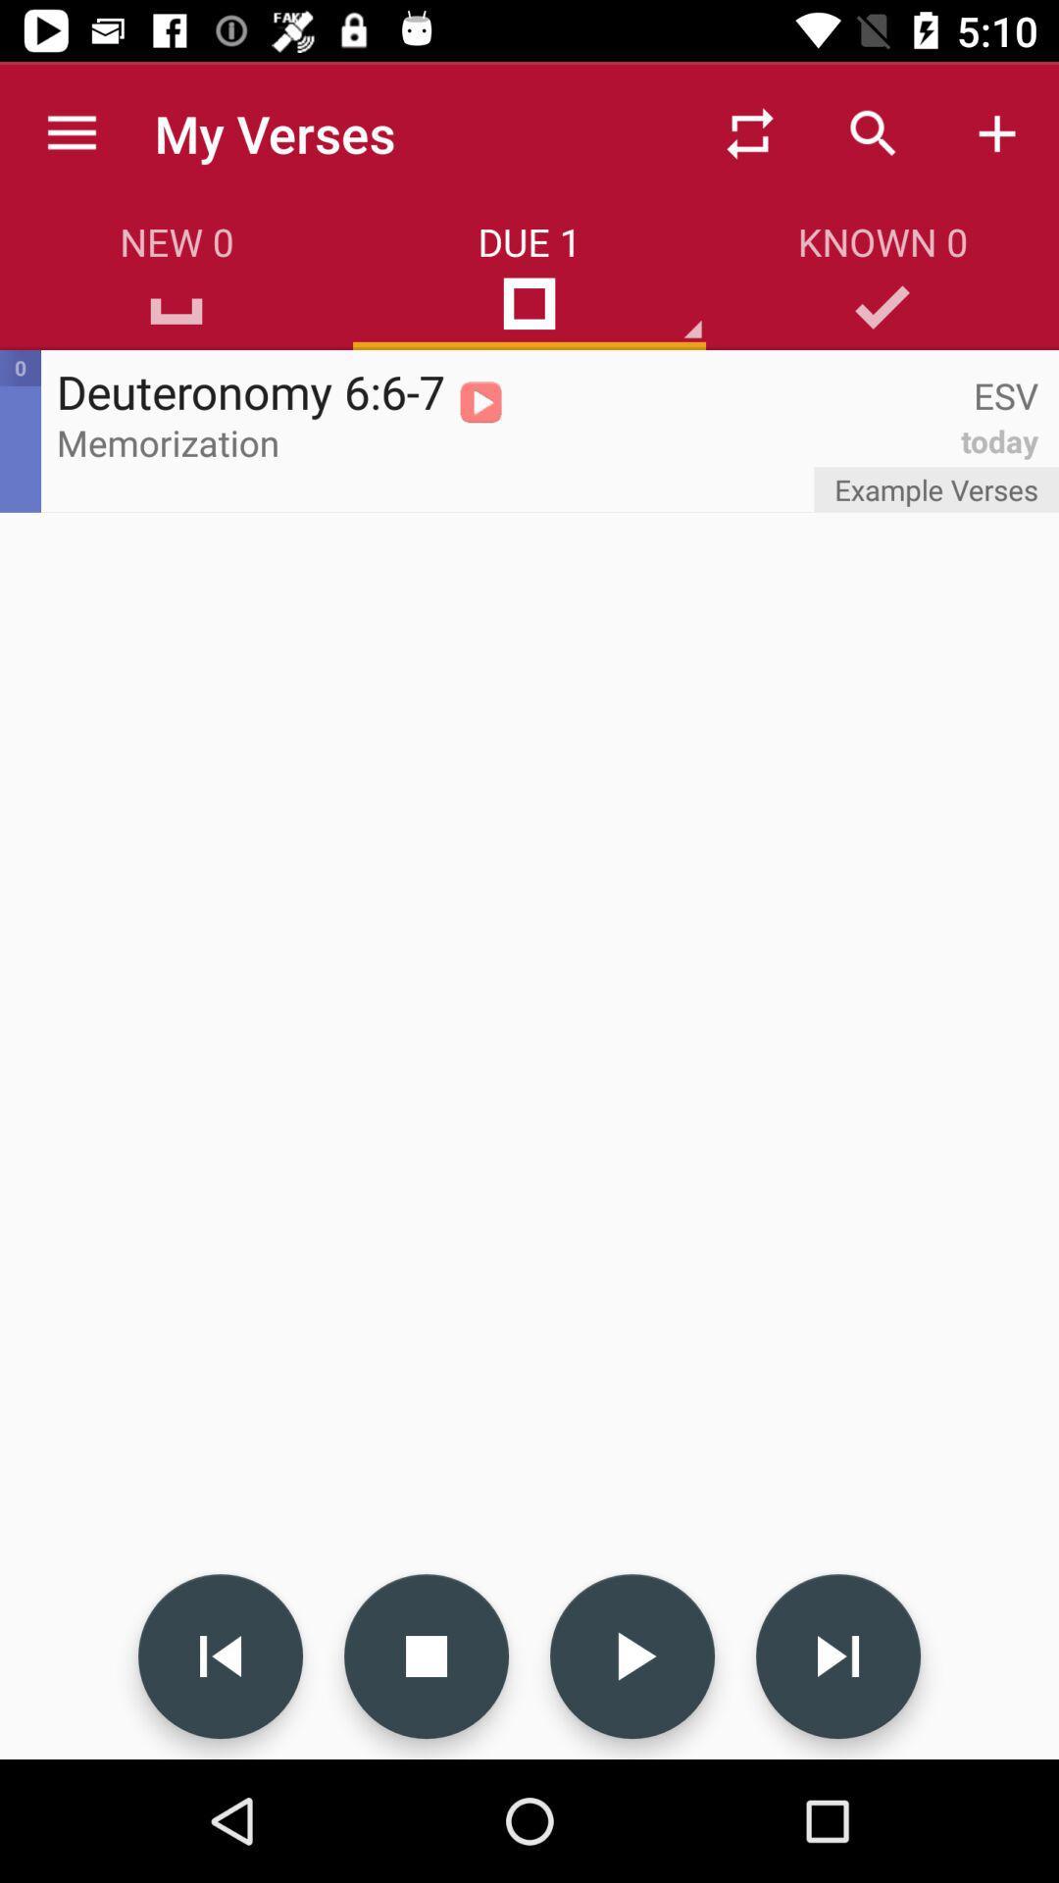 This screenshot has height=1883, width=1059. Describe the element at coordinates (71, 132) in the screenshot. I see `the icon to the left of my verses` at that location.